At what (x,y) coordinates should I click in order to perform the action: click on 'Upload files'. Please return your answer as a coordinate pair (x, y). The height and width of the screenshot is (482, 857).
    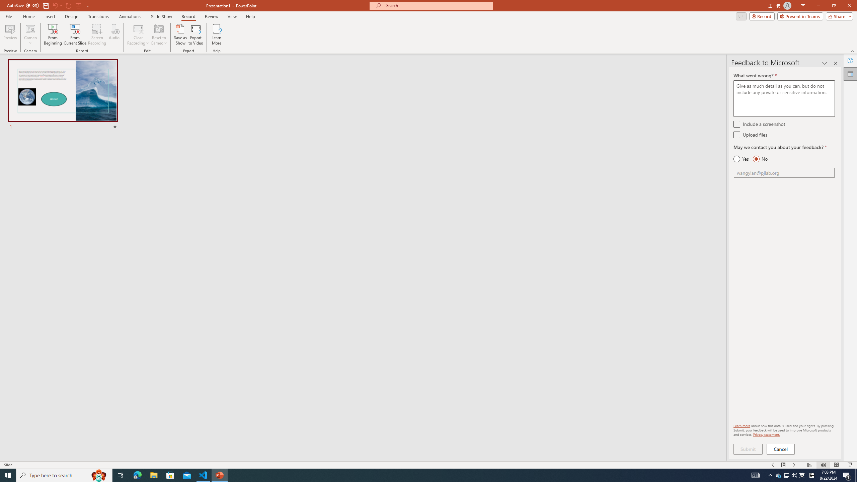
    Looking at the image, I should click on (736, 135).